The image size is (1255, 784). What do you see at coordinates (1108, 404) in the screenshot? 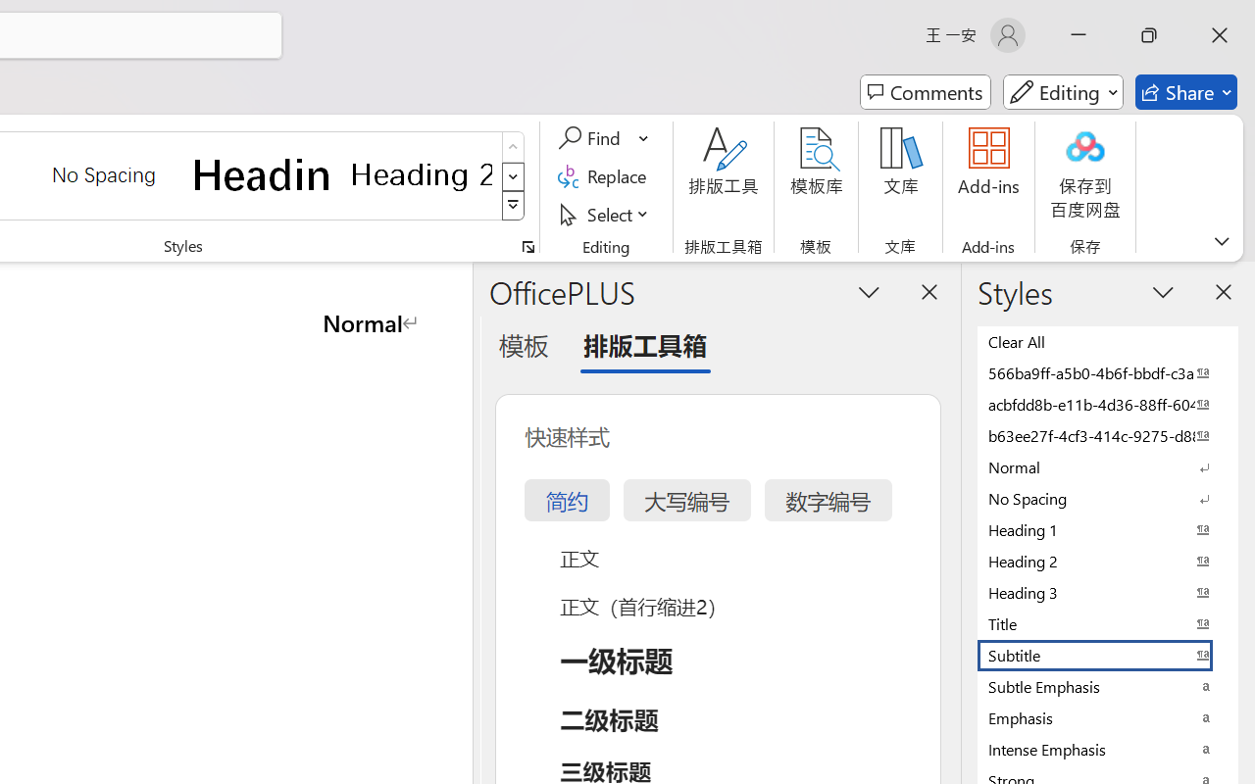
I see `'acbfdd8b-e11b-4d36-88ff-6049b138f862'` at bounding box center [1108, 404].